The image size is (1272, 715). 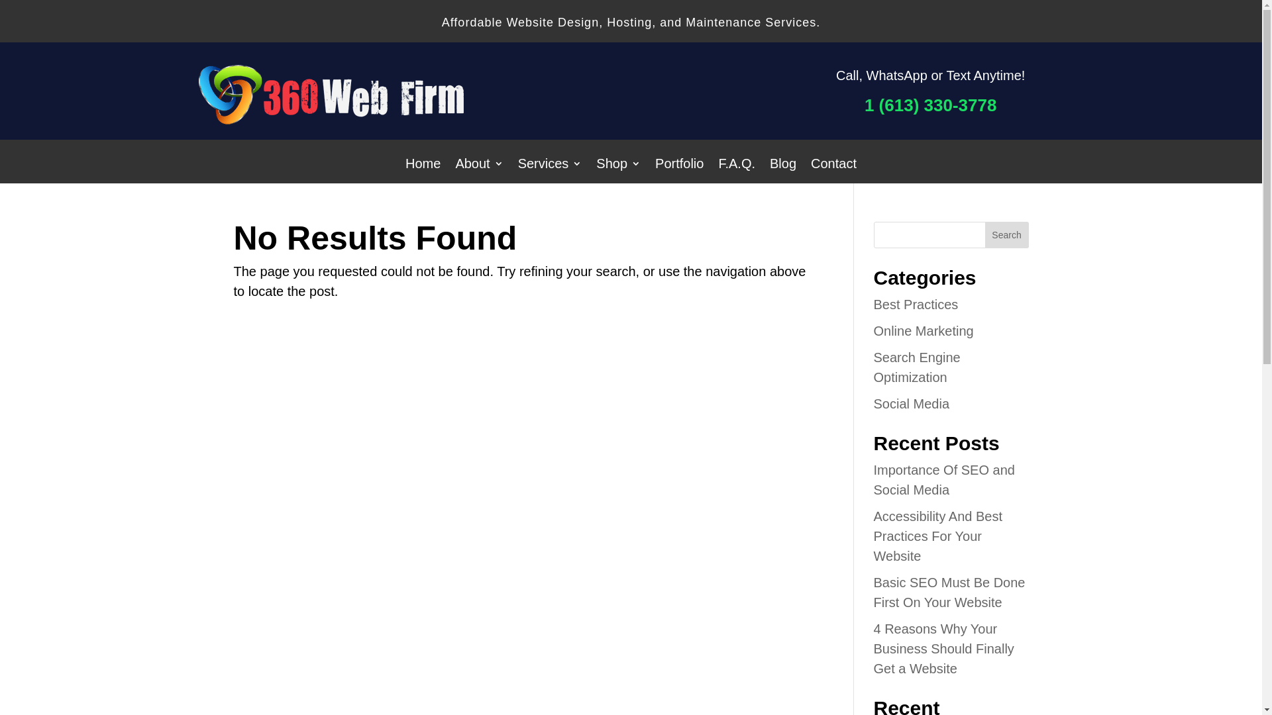 I want to click on 'Blog', so click(x=782, y=165).